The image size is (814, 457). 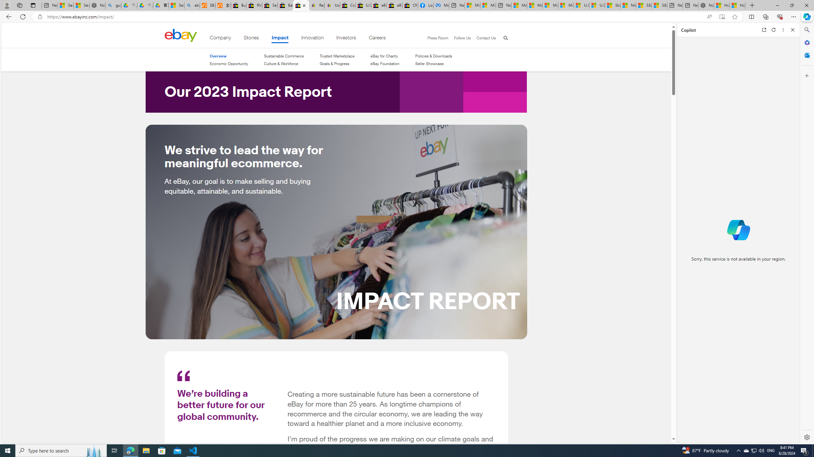 I want to click on 'eBay for Charity', so click(x=385, y=56).